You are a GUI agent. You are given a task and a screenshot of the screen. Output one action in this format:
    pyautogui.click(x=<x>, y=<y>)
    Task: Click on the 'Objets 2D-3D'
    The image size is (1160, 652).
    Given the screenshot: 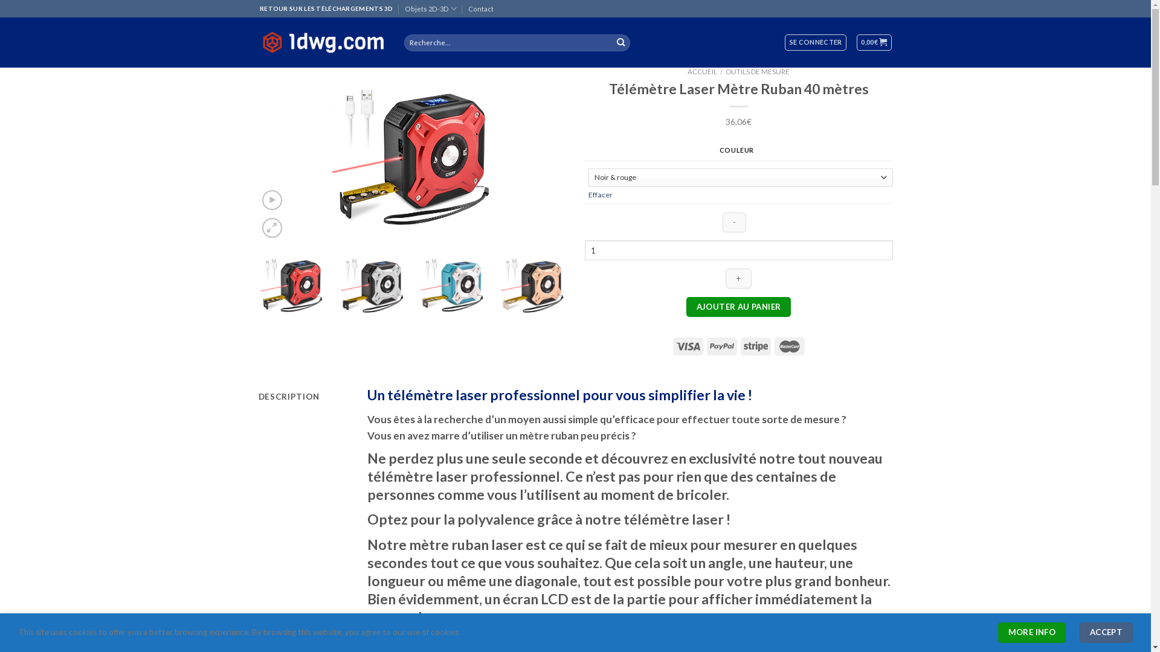 What is the action you would take?
    pyautogui.click(x=431, y=8)
    